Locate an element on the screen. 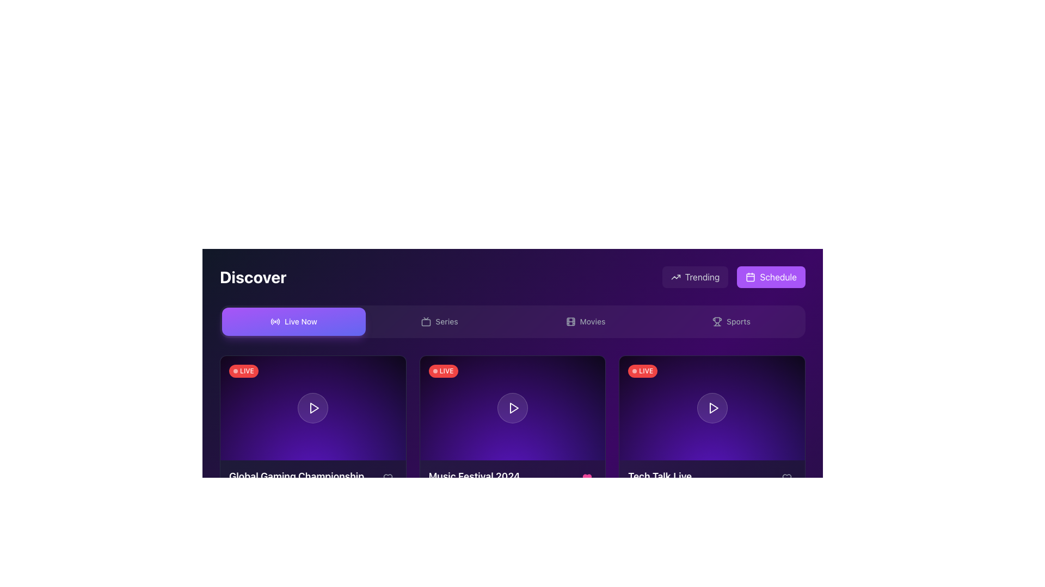 The image size is (1045, 587). the playback button located at the center of the circular icon in the first media card of the lower row to interact is located at coordinates (313, 408).